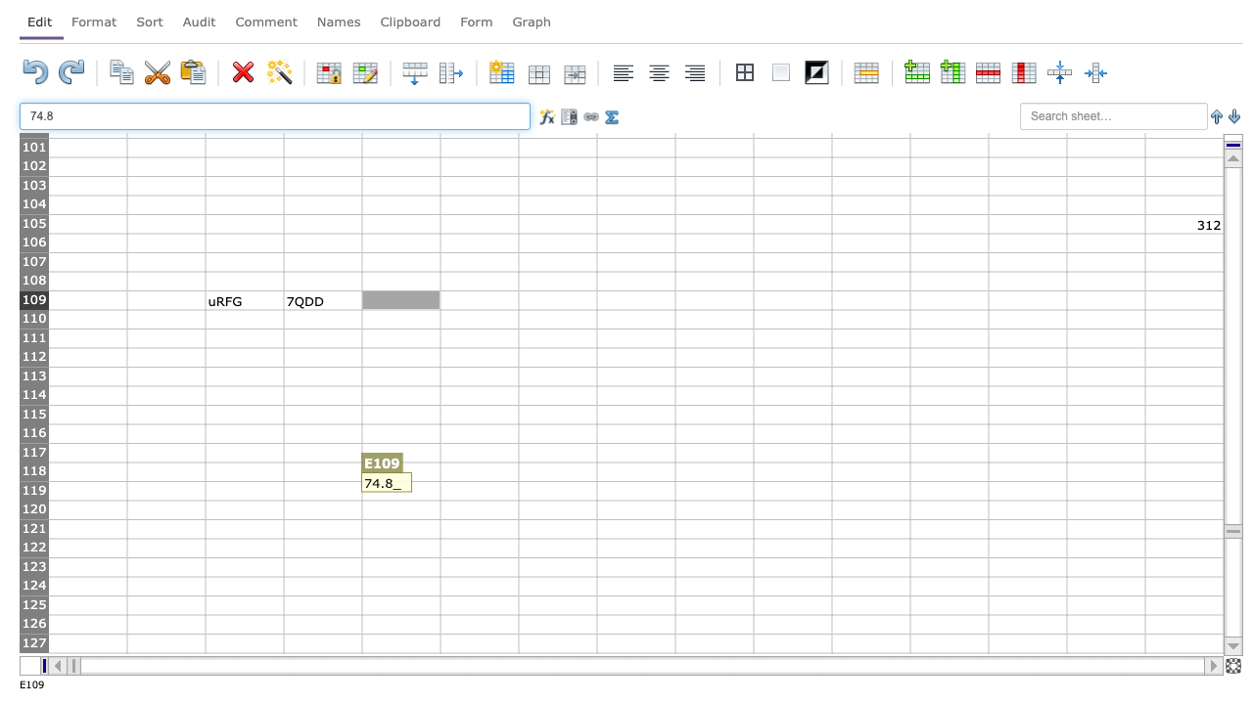  What do you see at coordinates (556, 490) in the screenshot?
I see `cell G119` at bounding box center [556, 490].